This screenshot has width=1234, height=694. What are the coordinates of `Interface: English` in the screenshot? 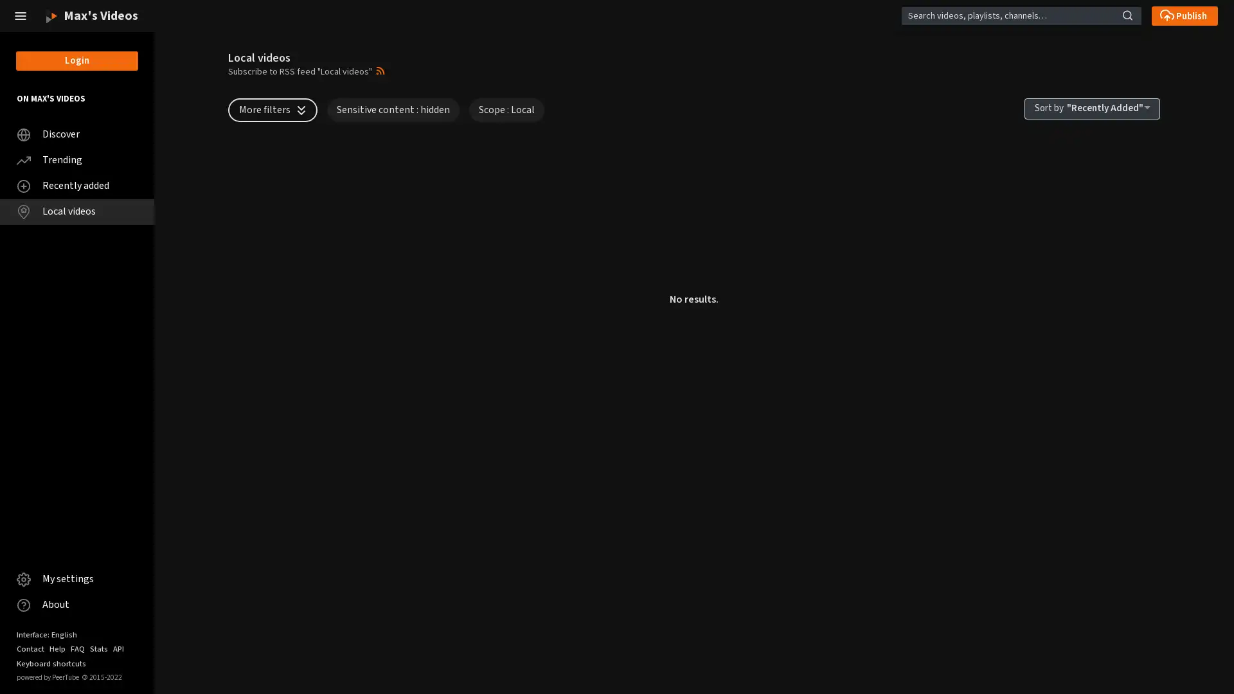 It's located at (46, 634).